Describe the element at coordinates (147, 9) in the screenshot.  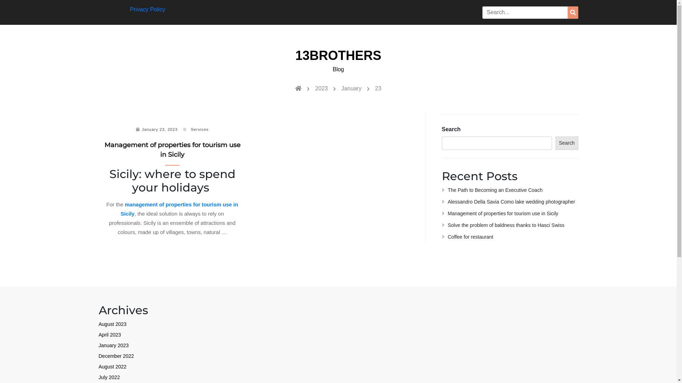
I see `'Privacy Policy'` at that location.